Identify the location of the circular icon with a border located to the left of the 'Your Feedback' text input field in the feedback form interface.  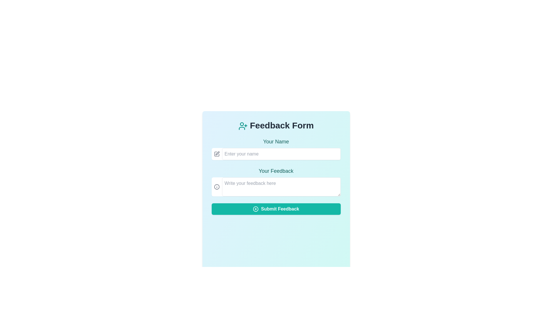
(216, 187).